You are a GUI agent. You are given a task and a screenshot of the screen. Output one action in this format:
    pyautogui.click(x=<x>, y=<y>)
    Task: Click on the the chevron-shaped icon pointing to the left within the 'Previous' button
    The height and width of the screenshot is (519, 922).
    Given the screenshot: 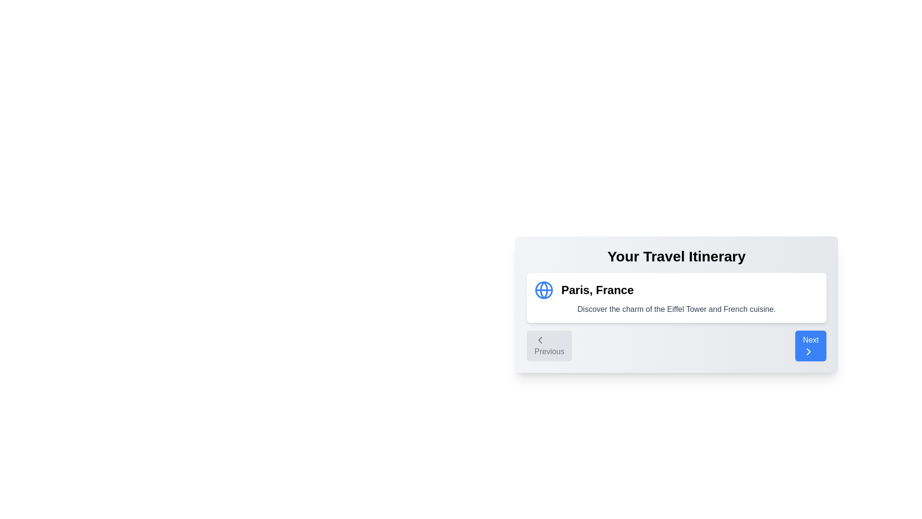 What is the action you would take?
    pyautogui.click(x=540, y=340)
    